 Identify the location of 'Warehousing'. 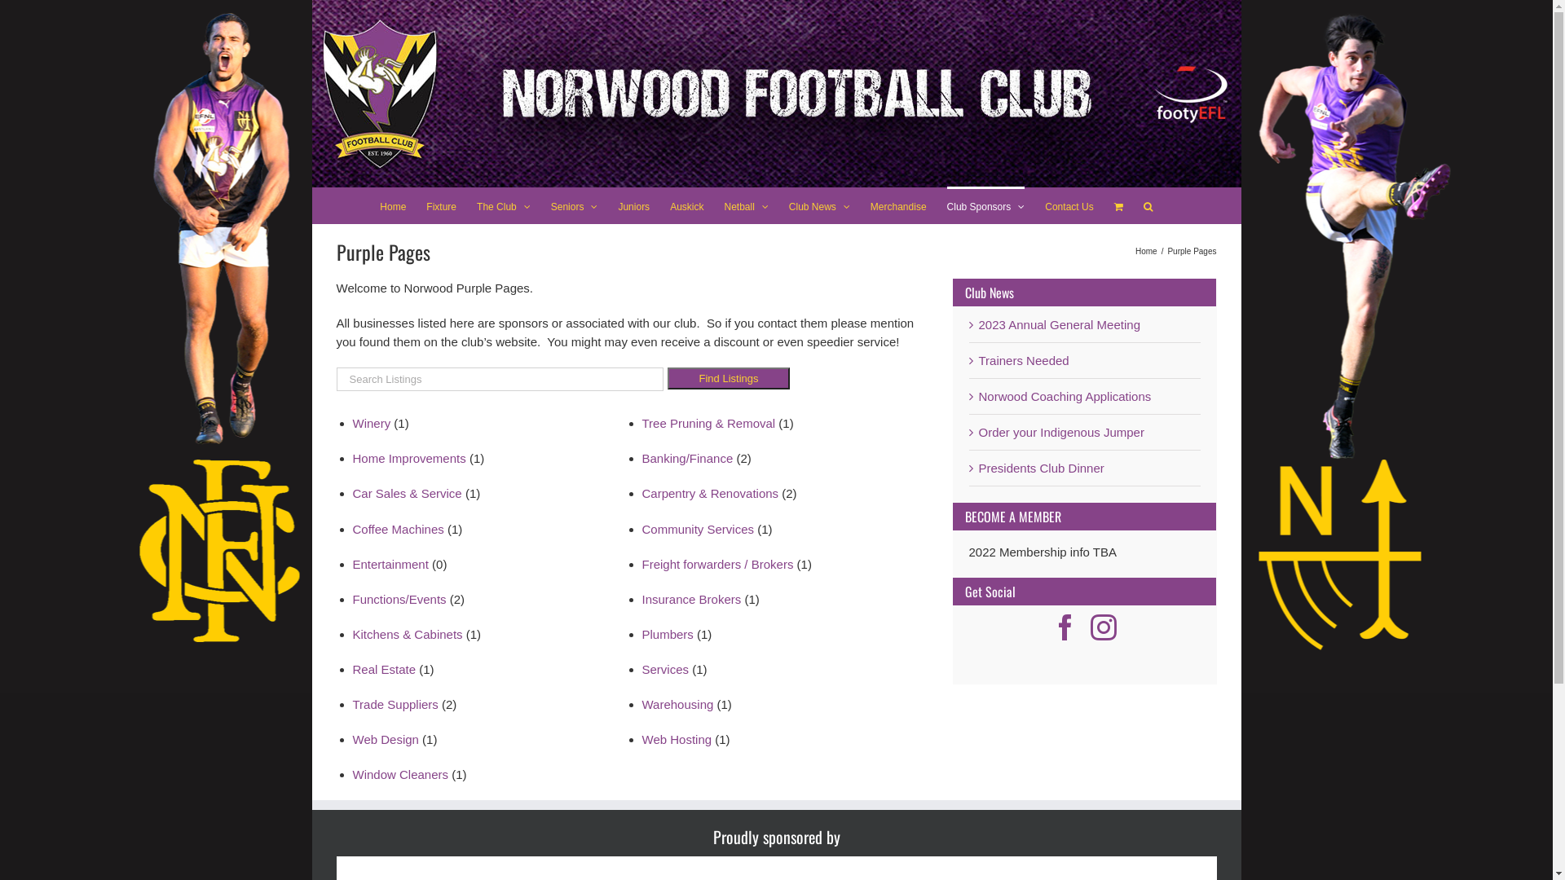
(677, 703).